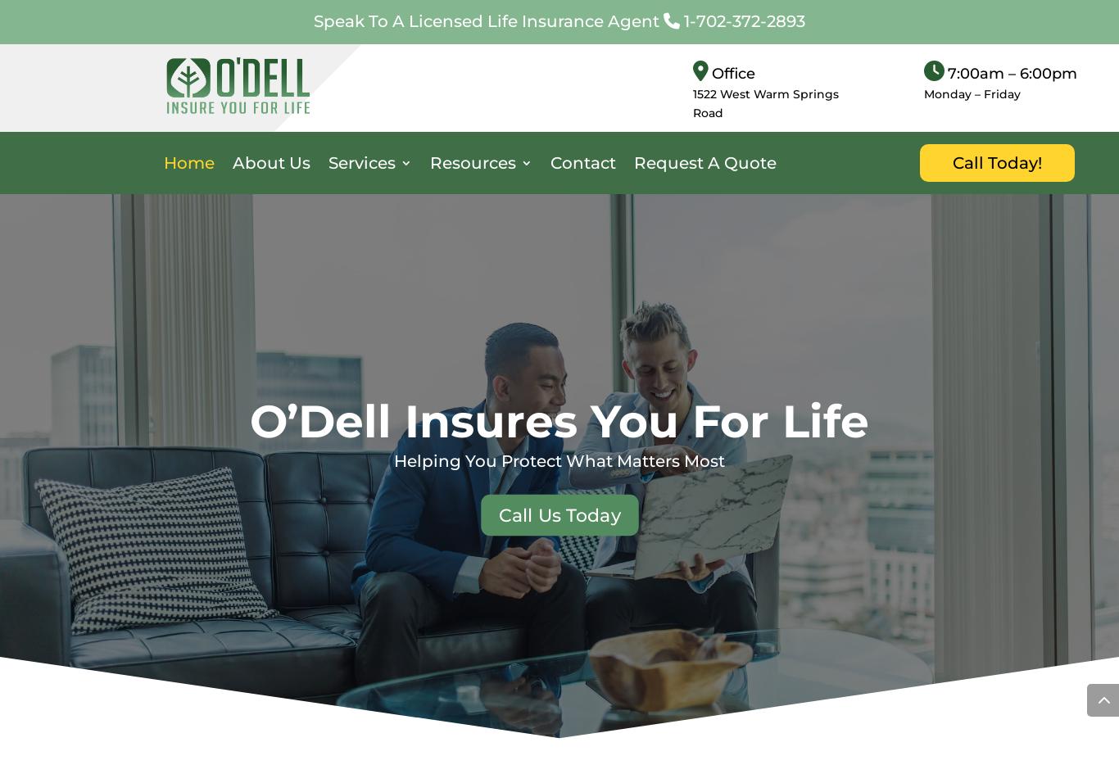 The height and width of the screenshot is (765, 1119). I want to click on '1522 West Warm Springs Road', so click(764, 102).